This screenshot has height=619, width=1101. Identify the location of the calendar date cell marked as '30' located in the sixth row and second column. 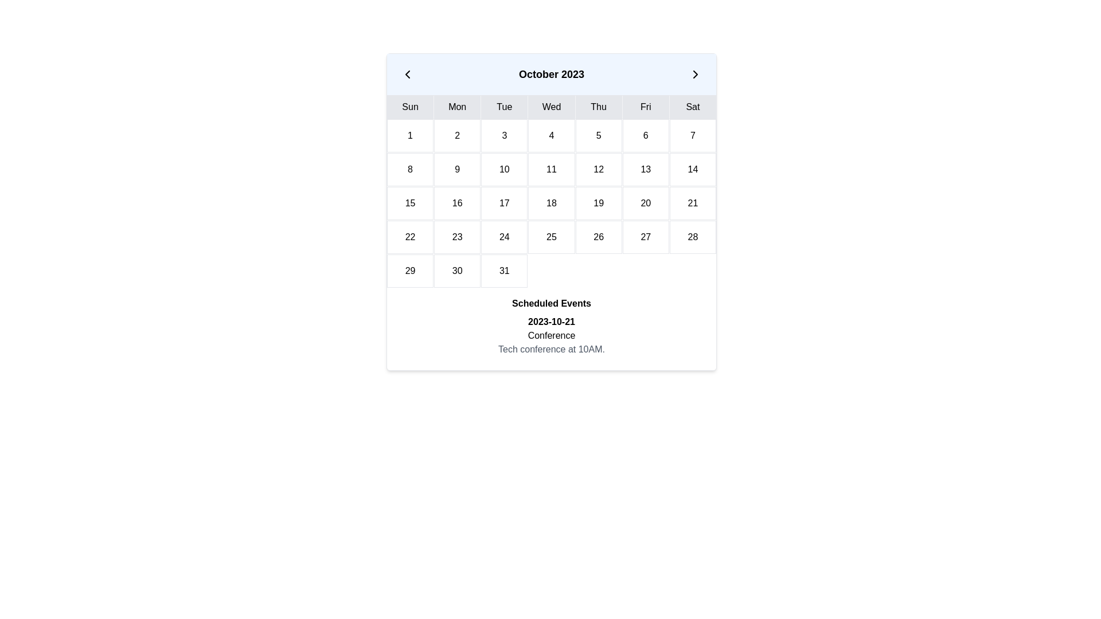
(456, 271).